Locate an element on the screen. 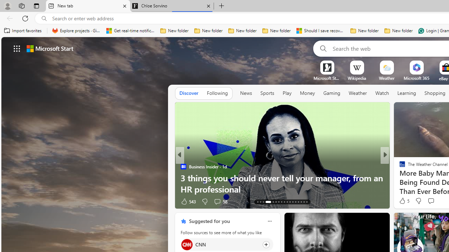  'AutomationID: tab-14' is located at coordinates (260, 202).